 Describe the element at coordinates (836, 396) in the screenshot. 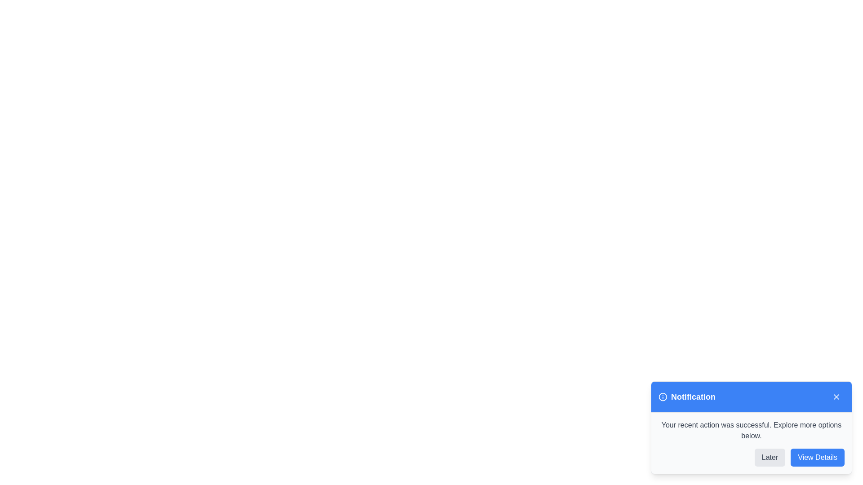

I see `the 'x' icon button located at the top-right corner of the blue notification header to observe any hover effects` at that location.